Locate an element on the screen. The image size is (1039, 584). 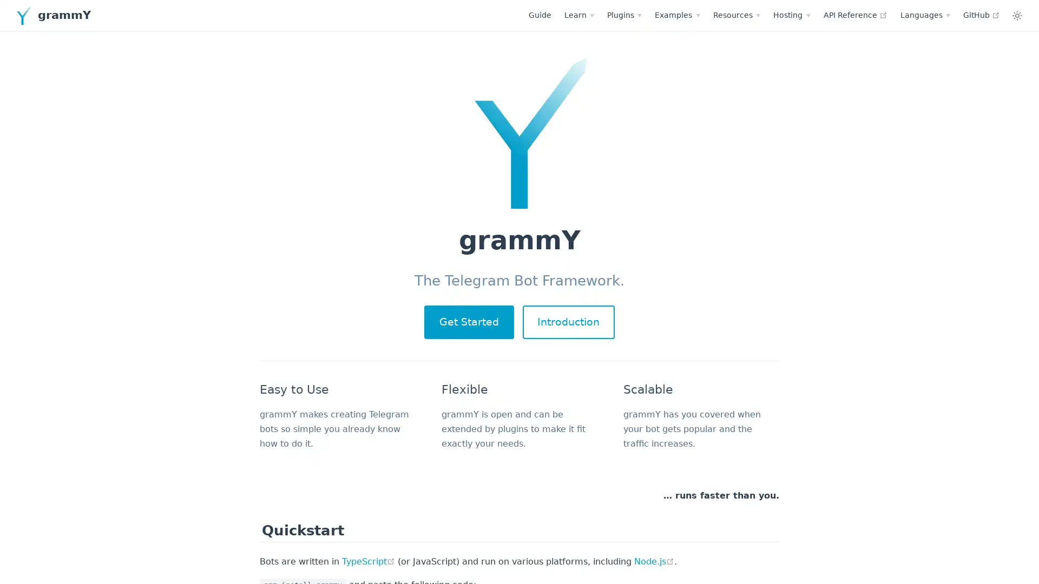
Plugins is located at coordinates (529, 15).